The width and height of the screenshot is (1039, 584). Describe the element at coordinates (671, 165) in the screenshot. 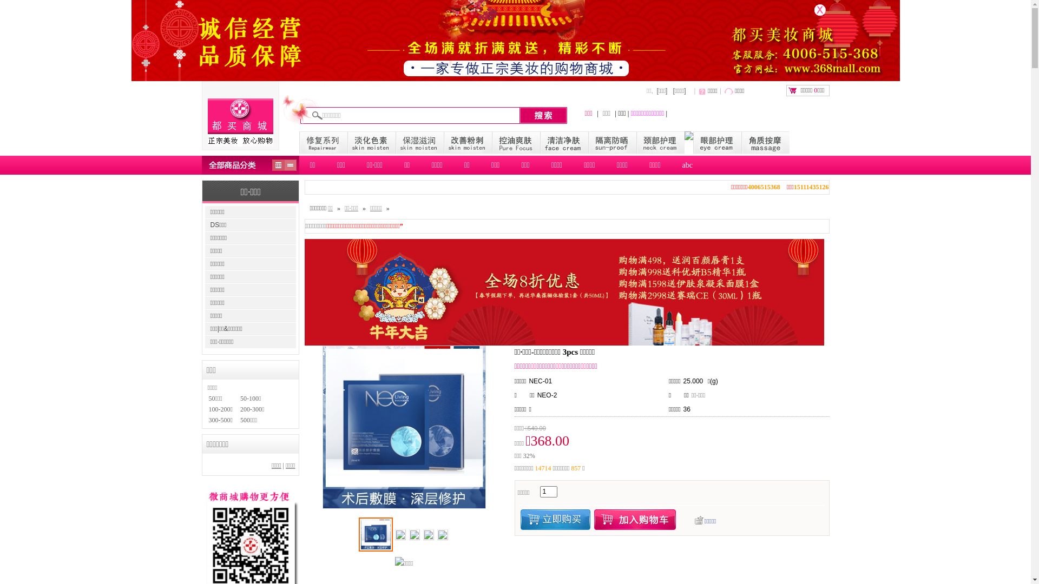

I see `'abc'` at that location.